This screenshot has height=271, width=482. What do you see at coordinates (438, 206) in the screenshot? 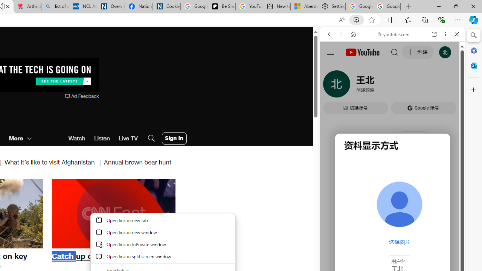
I see `'Show More Music'` at bounding box center [438, 206].